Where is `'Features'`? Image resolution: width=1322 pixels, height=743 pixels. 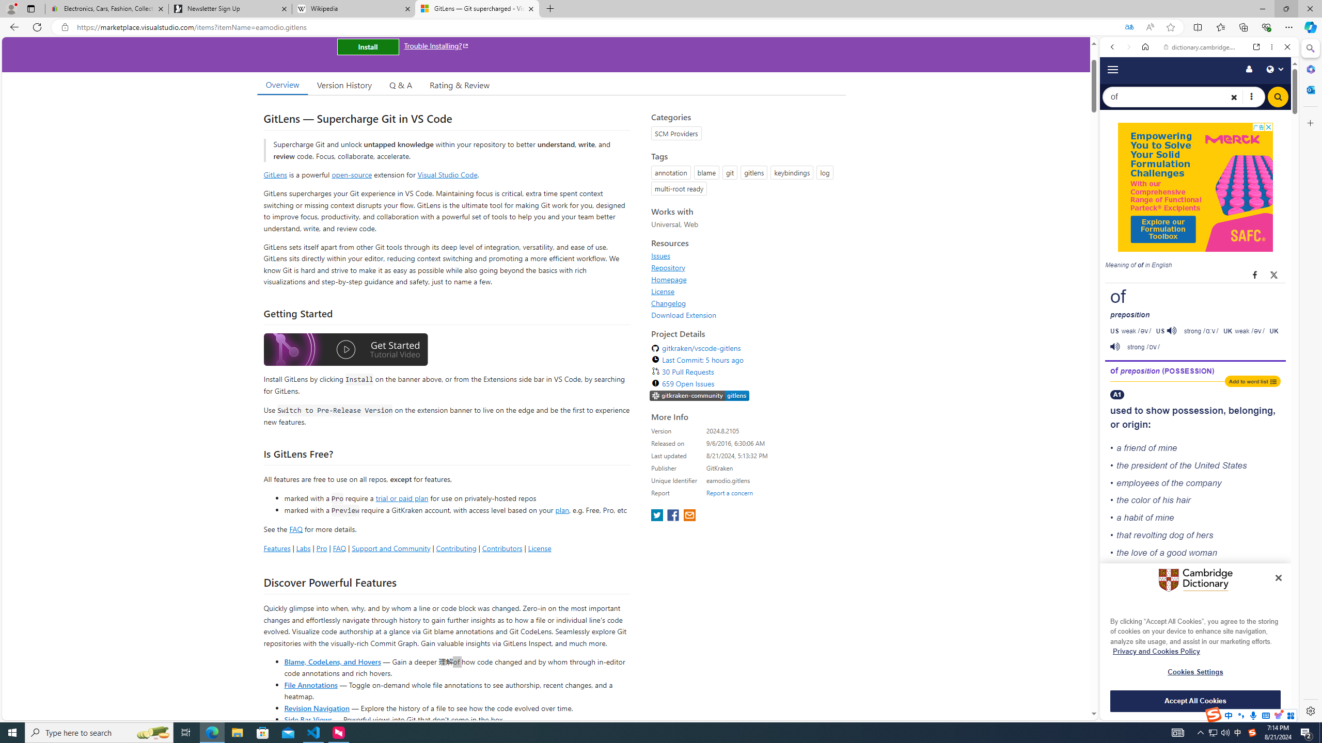 'Features' is located at coordinates (276, 547).